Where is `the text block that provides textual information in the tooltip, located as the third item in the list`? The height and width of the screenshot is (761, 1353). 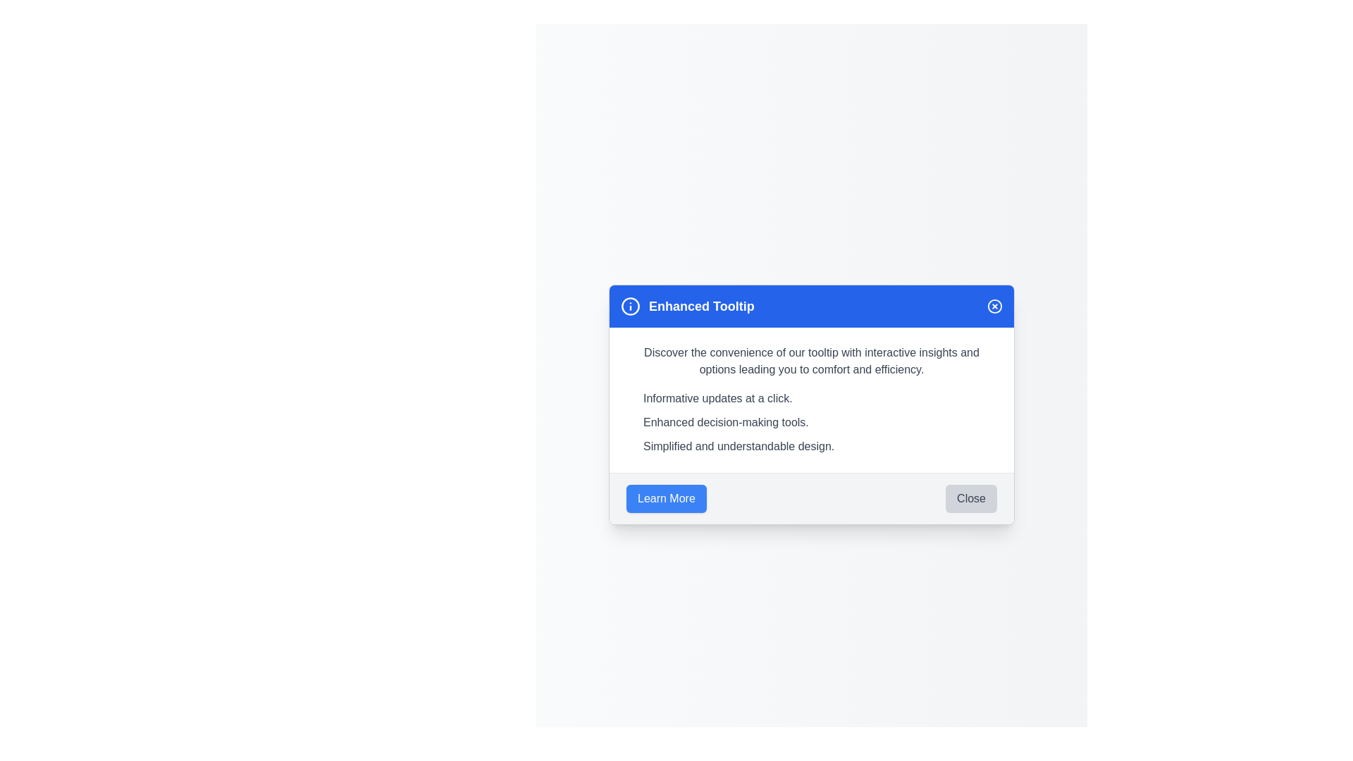
the text block that provides textual information in the tooltip, located as the third item in the list is located at coordinates (820, 446).